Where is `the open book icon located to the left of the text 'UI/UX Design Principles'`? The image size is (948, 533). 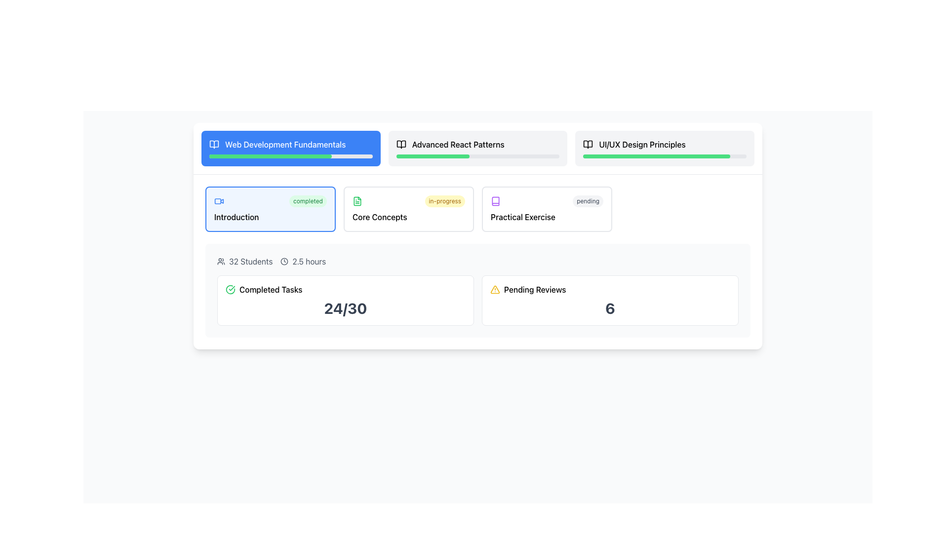
the open book icon located to the left of the text 'UI/UX Design Principles' is located at coordinates (588, 145).